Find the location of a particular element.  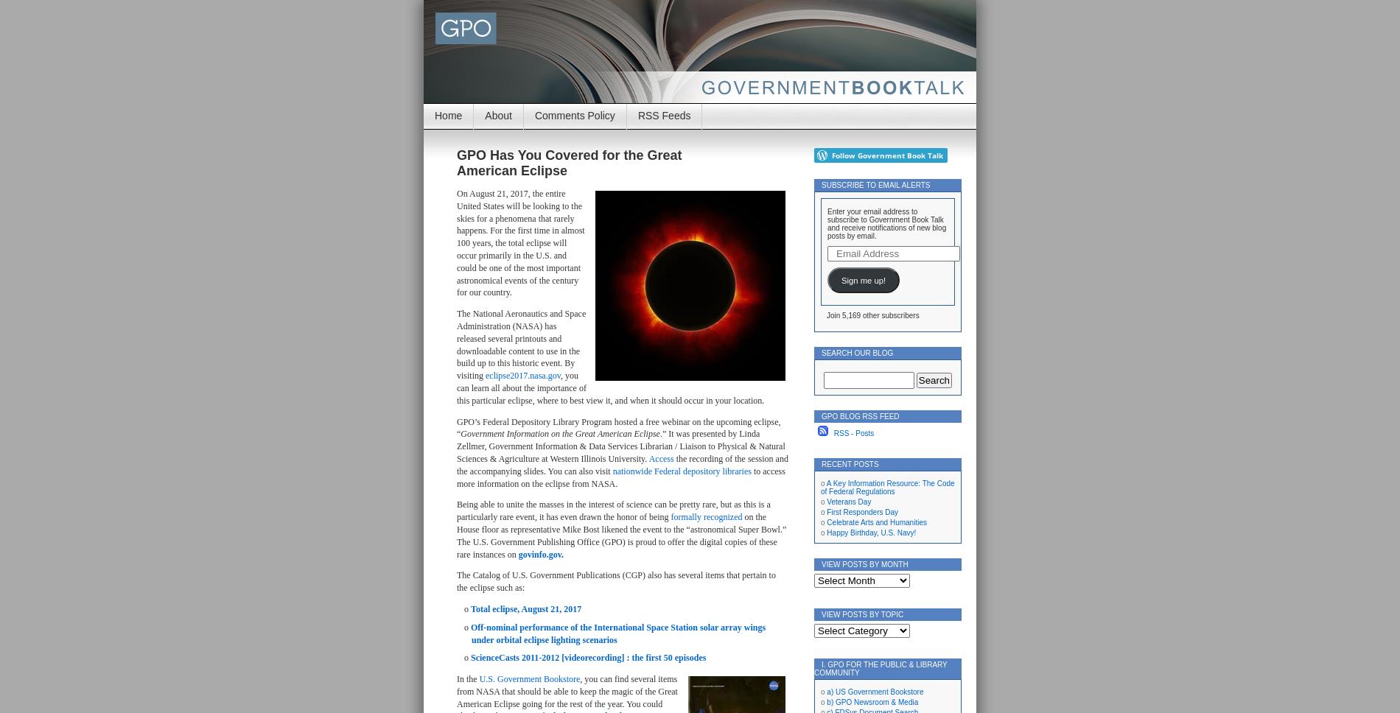

'Access' is located at coordinates (659, 457).